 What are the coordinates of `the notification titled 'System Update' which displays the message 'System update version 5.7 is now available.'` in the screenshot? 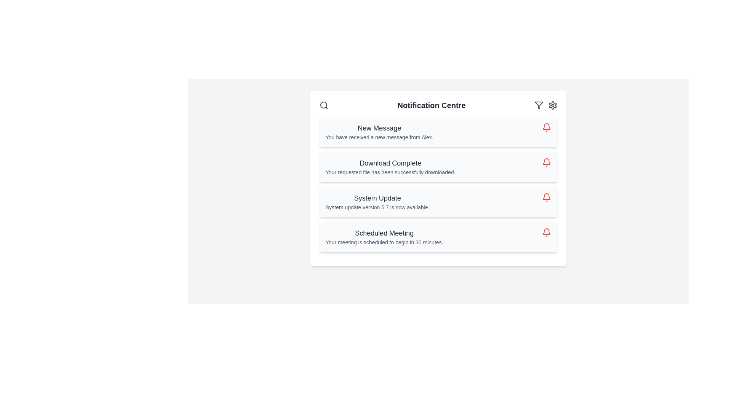 It's located at (438, 185).